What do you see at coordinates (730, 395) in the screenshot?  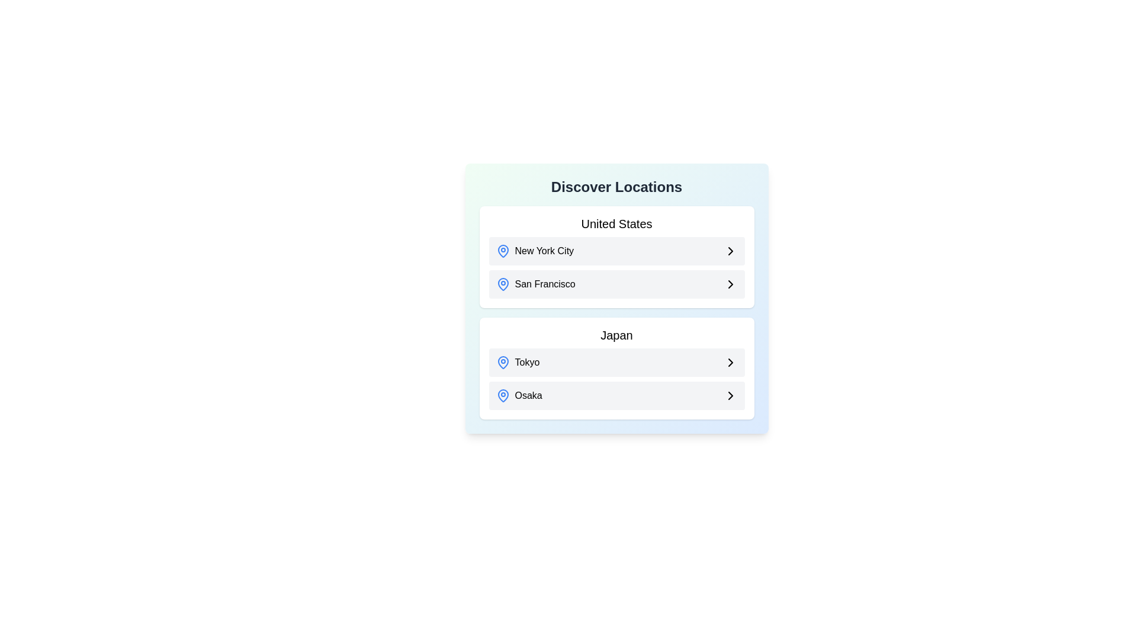 I see `the navigation icon located in the 'Osaka' section under the 'Japan' category on the Discover Locations page` at bounding box center [730, 395].